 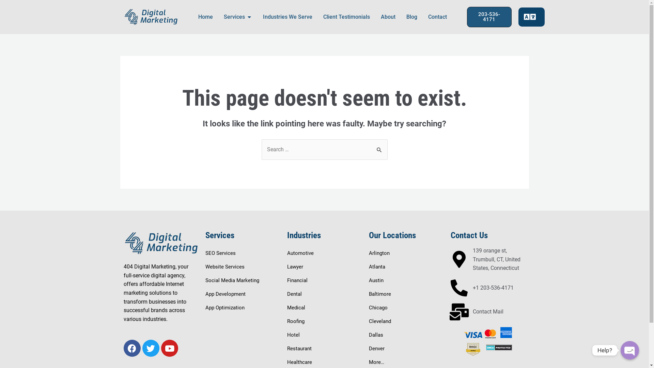 I want to click on 'Facebook', so click(x=132, y=348).